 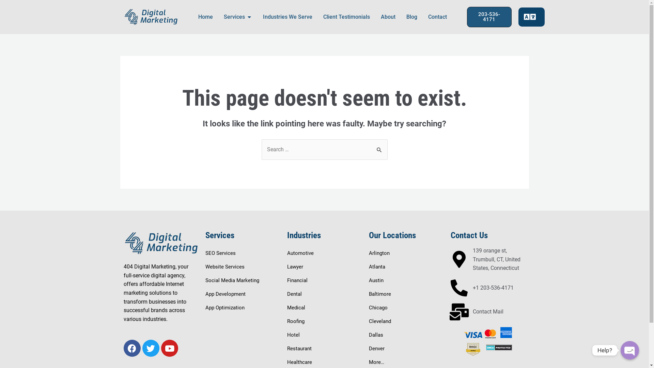 I want to click on 'Facebook', so click(x=132, y=348).